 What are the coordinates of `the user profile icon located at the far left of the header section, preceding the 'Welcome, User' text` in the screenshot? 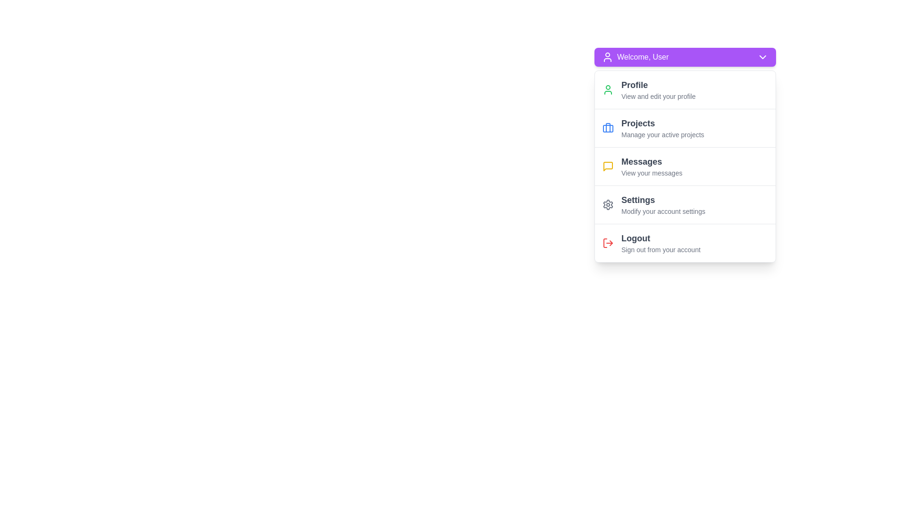 It's located at (608, 57).